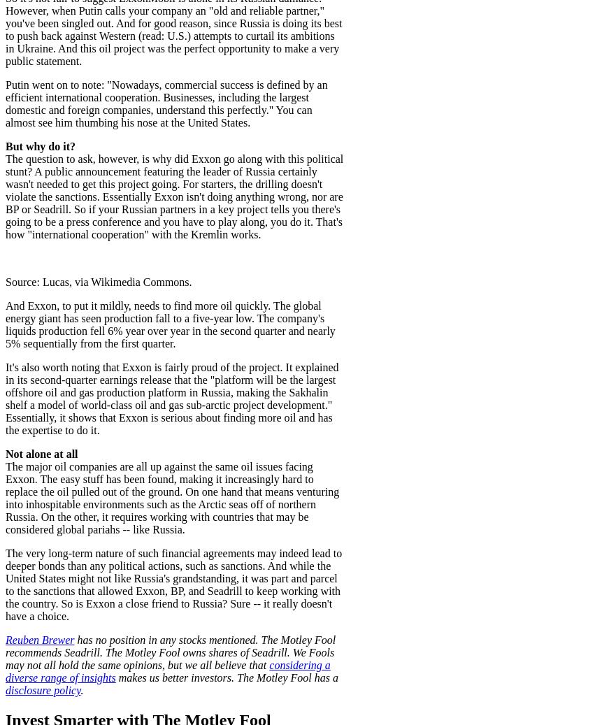  What do you see at coordinates (173, 584) in the screenshot?
I see `'The very long-term nature of such financial agreements may indeed lead to deeper bonds than any political actions, such as sanctions. And while the United States might not like Russia's grandstanding, it was part and parcel to the sanctions that allowed Exxon, BP, and Seadrill to keep working with the country. So is Exxon a close friend to Russia? Sure -- it really doesn't have a choice.'` at bounding box center [173, 584].